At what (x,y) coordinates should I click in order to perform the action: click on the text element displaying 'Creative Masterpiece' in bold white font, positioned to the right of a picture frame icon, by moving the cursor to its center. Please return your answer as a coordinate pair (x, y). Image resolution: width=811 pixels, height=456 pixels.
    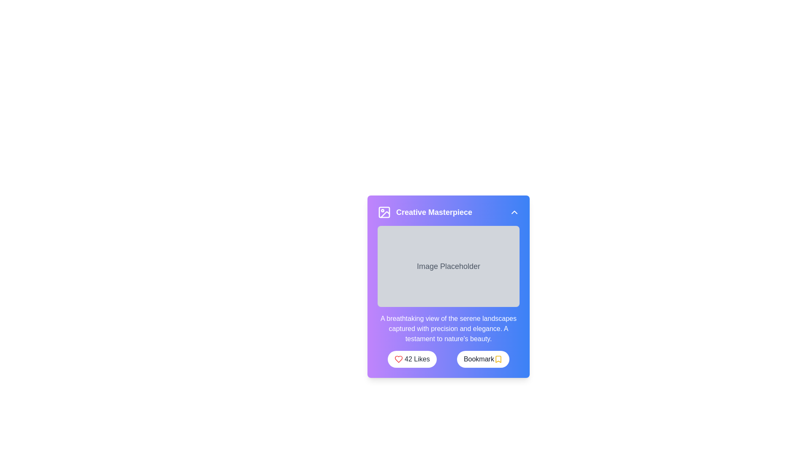
    Looking at the image, I should click on (434, 212).